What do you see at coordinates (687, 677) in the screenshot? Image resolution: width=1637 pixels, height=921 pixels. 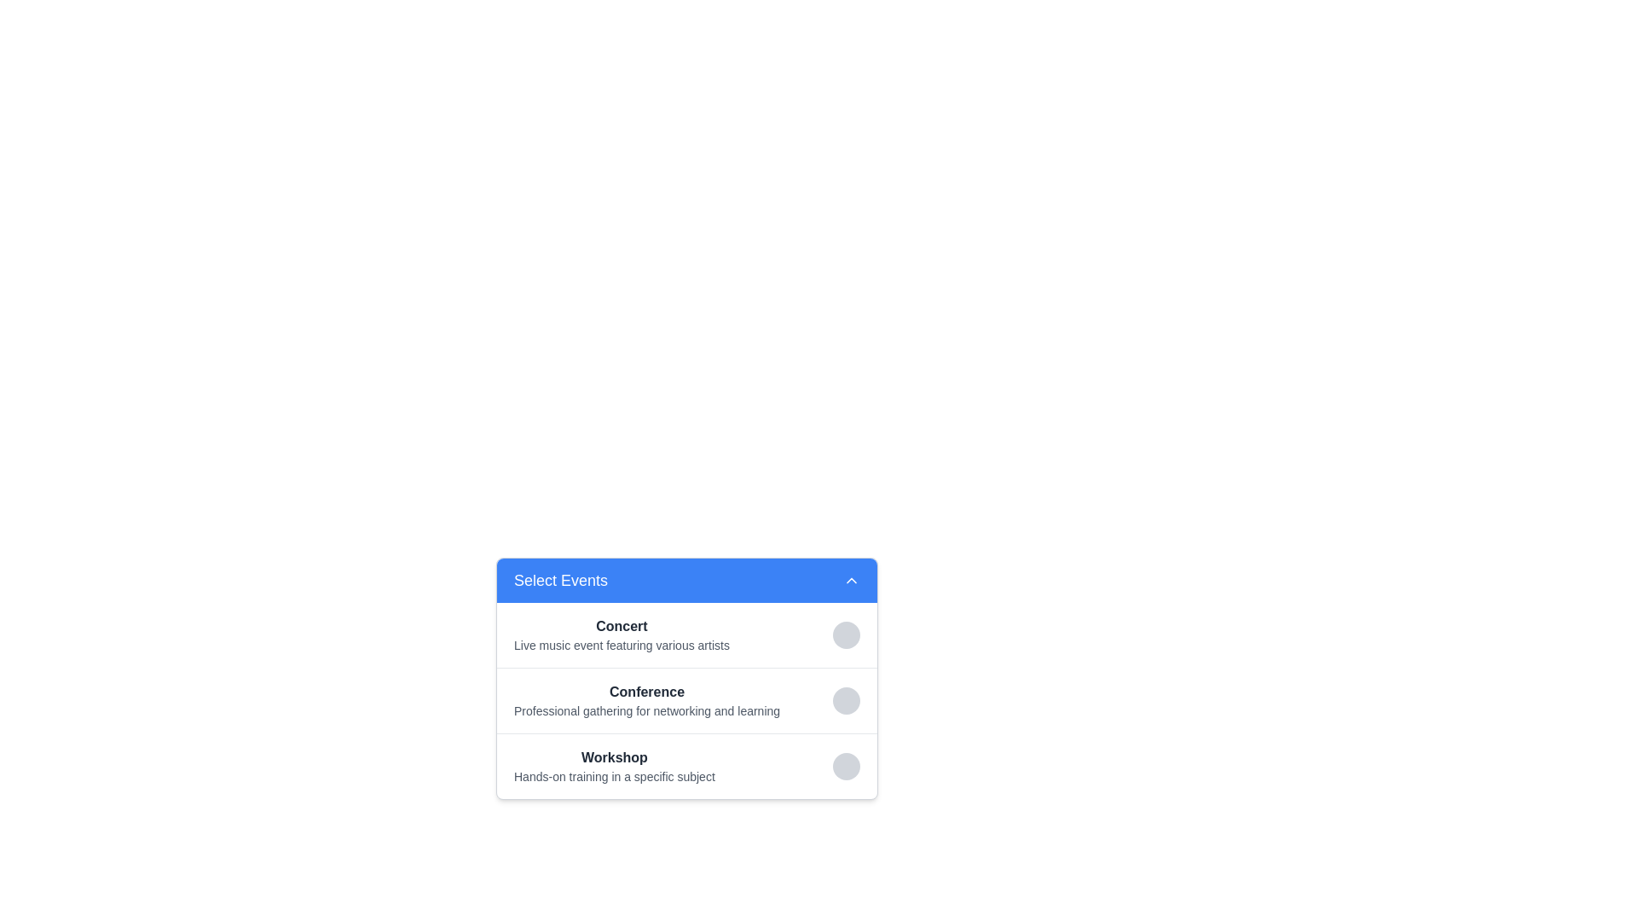 I see `the second item in the dropdown menu labeled 'Conference'` at bounding box center [687, 677].